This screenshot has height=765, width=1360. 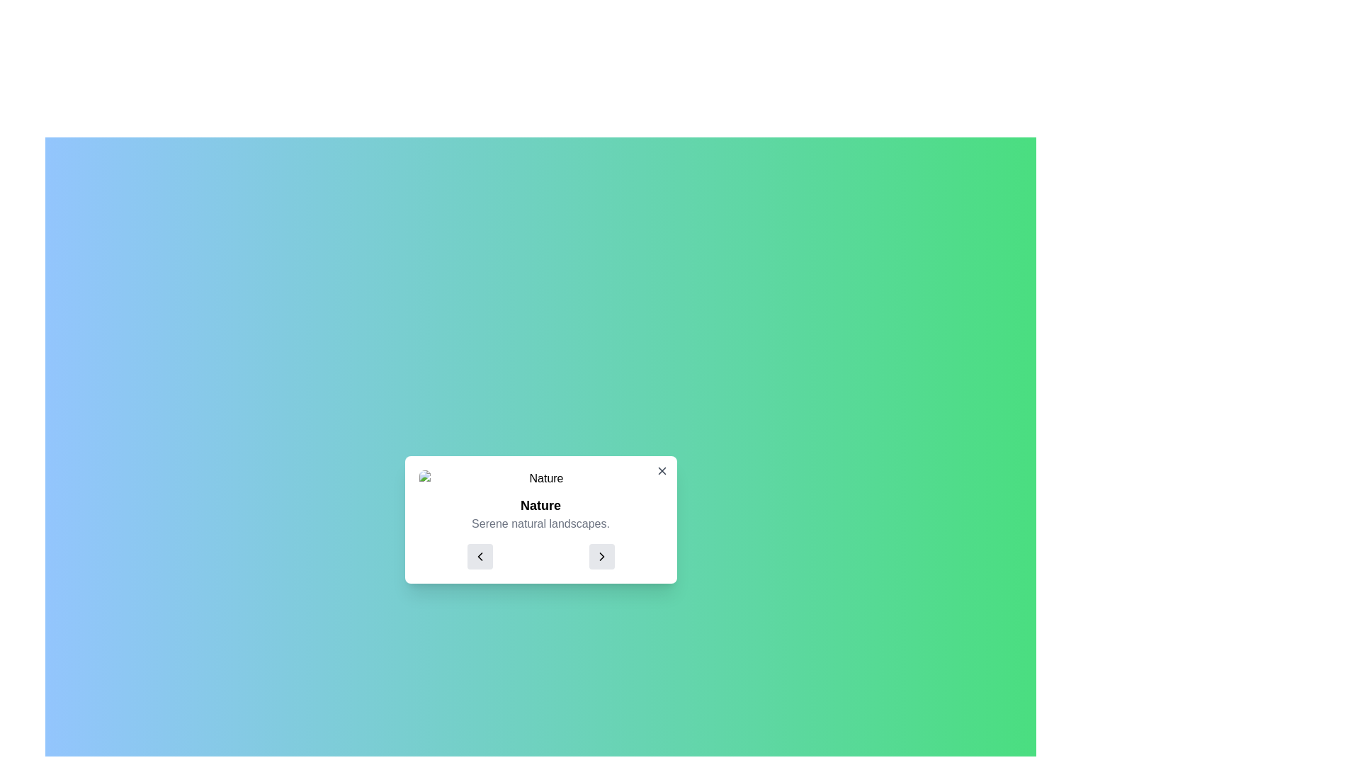 What do you see at coordinates (540, 519) in the screenshot?
I see `descriptive text within the Card Component, which includes the title 'Nature' and the subtitle 'Serene natural landscapes.'` at bounding box center [540, 519].